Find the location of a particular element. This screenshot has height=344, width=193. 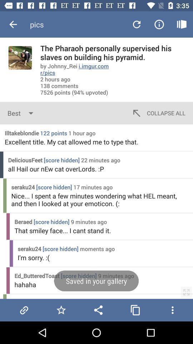

icon next to the pics icon is located at coordinates (13, 24).